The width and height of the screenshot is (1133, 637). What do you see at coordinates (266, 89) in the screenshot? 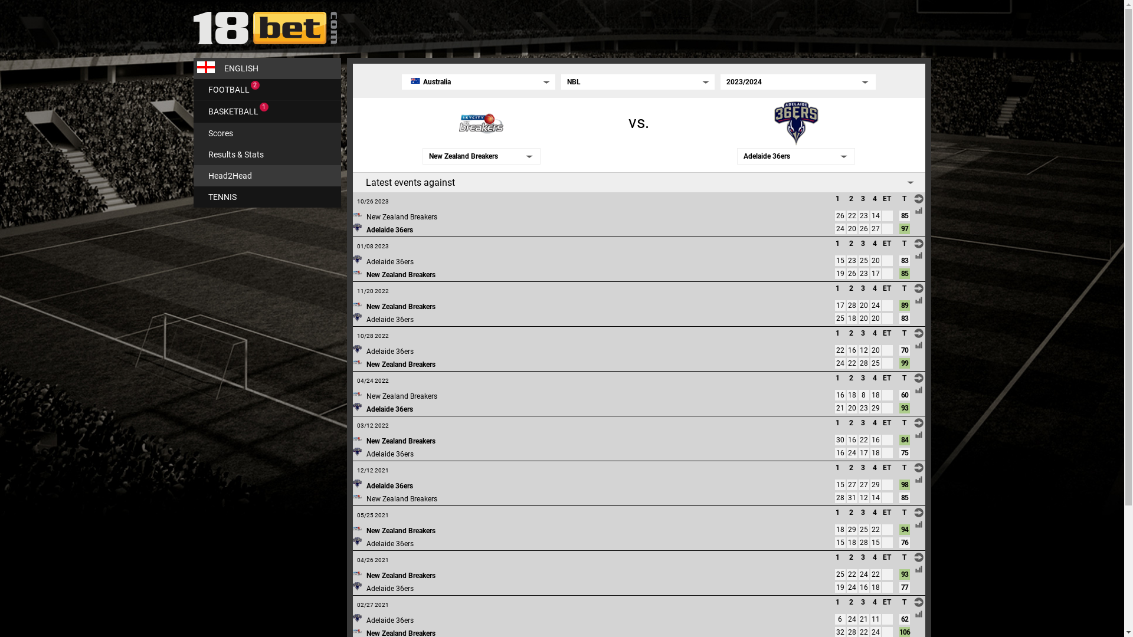
I see `'FOOTBALL` at bounding box center [266, 89].